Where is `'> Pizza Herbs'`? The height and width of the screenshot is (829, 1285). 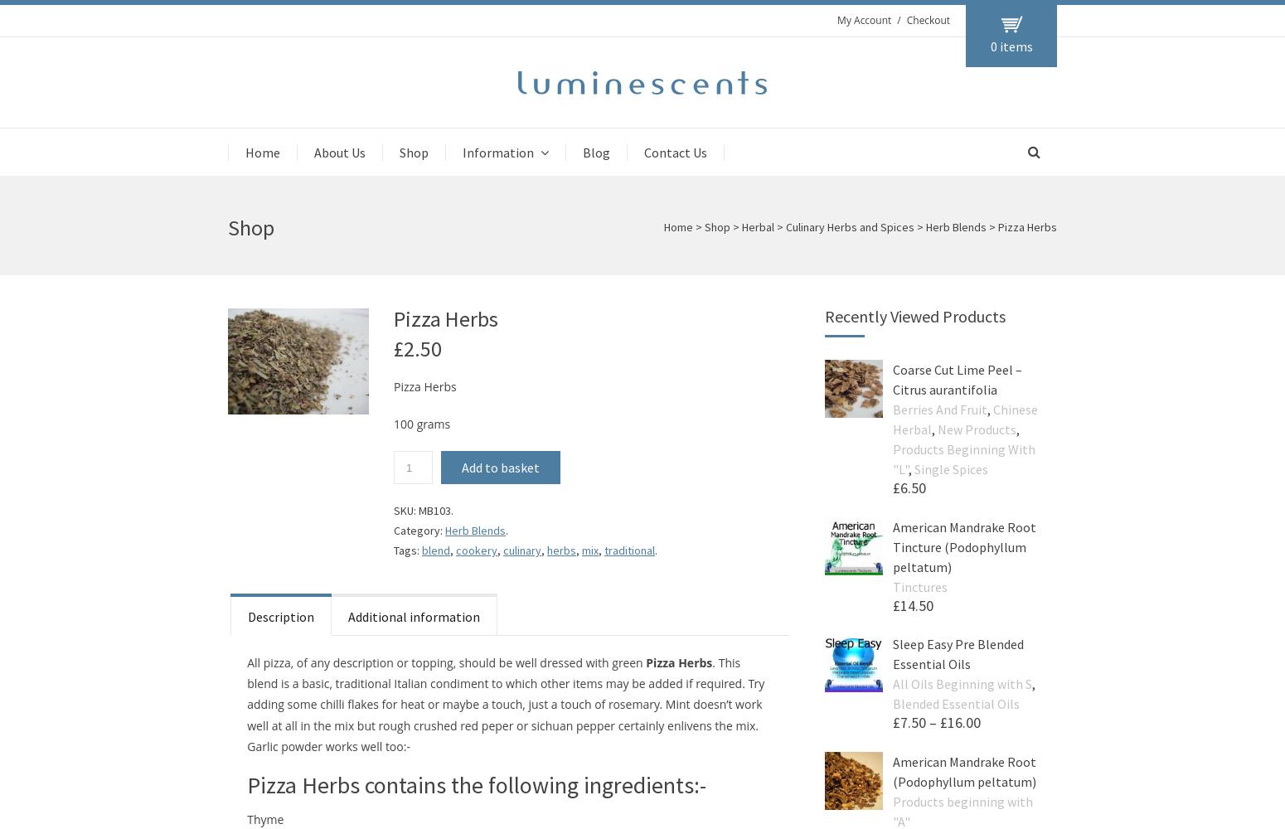 '> Pizza Herbs' is located at coordinates (1021, 227).